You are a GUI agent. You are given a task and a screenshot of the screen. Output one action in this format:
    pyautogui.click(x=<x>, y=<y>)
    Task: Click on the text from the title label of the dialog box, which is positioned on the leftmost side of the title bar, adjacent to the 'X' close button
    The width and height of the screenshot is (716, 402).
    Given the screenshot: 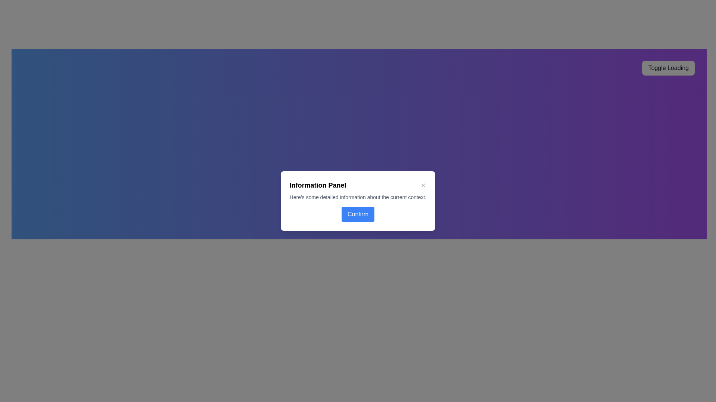 What is the action you would take?
    pyautogui.click(x=318, y=185)
    